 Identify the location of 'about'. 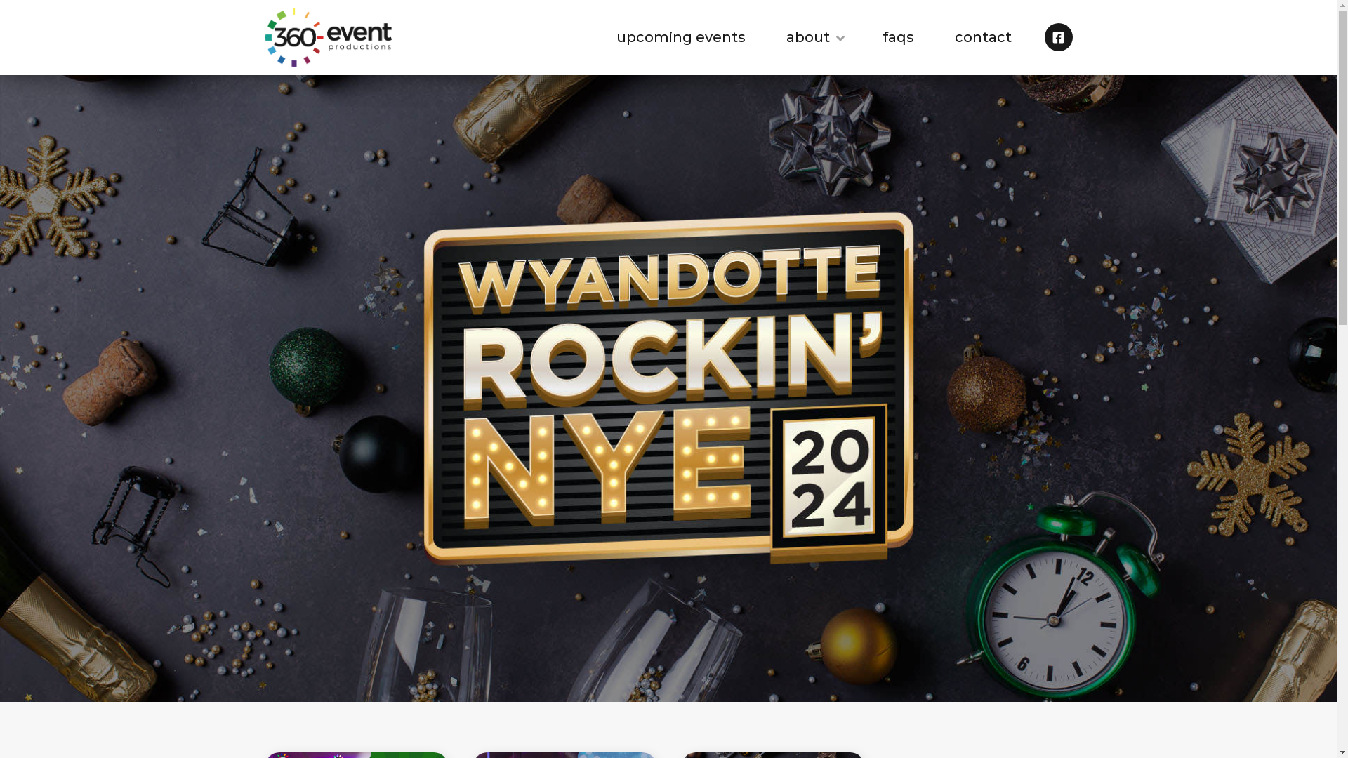
(814, 36).